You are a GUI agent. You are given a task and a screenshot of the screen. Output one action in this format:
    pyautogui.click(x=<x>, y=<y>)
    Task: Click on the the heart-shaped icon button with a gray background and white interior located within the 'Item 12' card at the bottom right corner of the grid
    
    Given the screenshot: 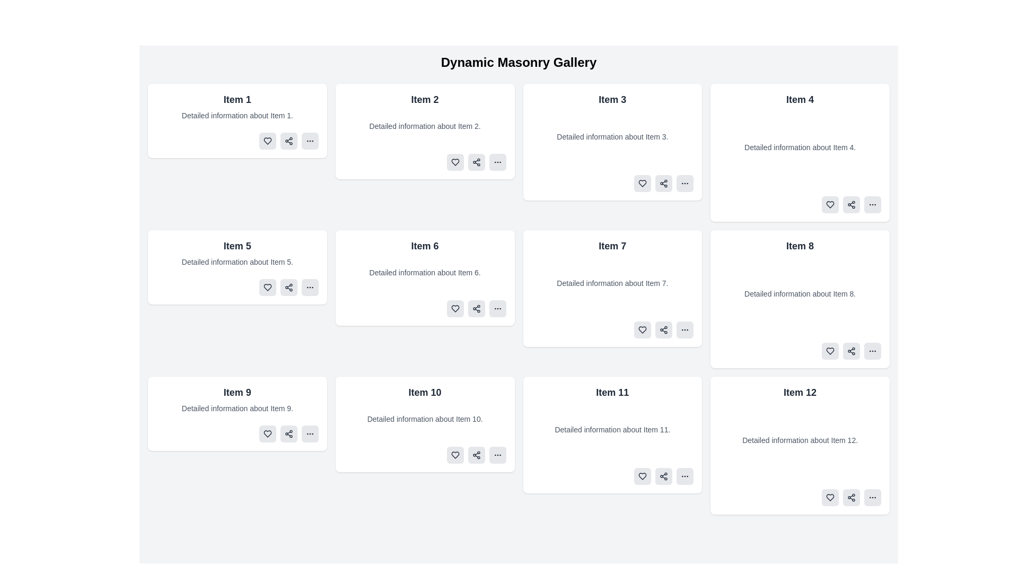 What is the action you would take?
    pyautogui.click(x=829, y=497)
    